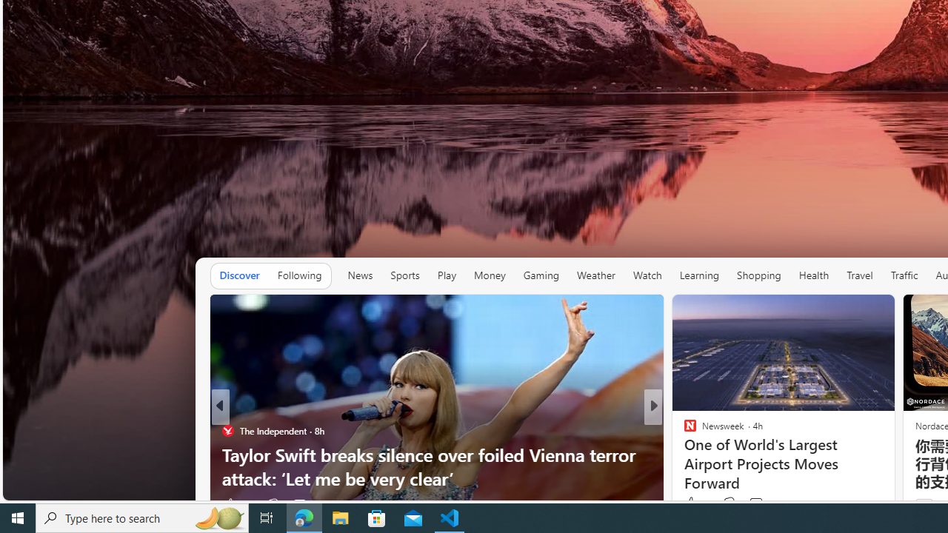 This screenshot has width=948, height=533. What do you see at coordinates (760, 503) in the screenshot?
I see `'View comments 2 Comment'` at bounding box center [760, 503].